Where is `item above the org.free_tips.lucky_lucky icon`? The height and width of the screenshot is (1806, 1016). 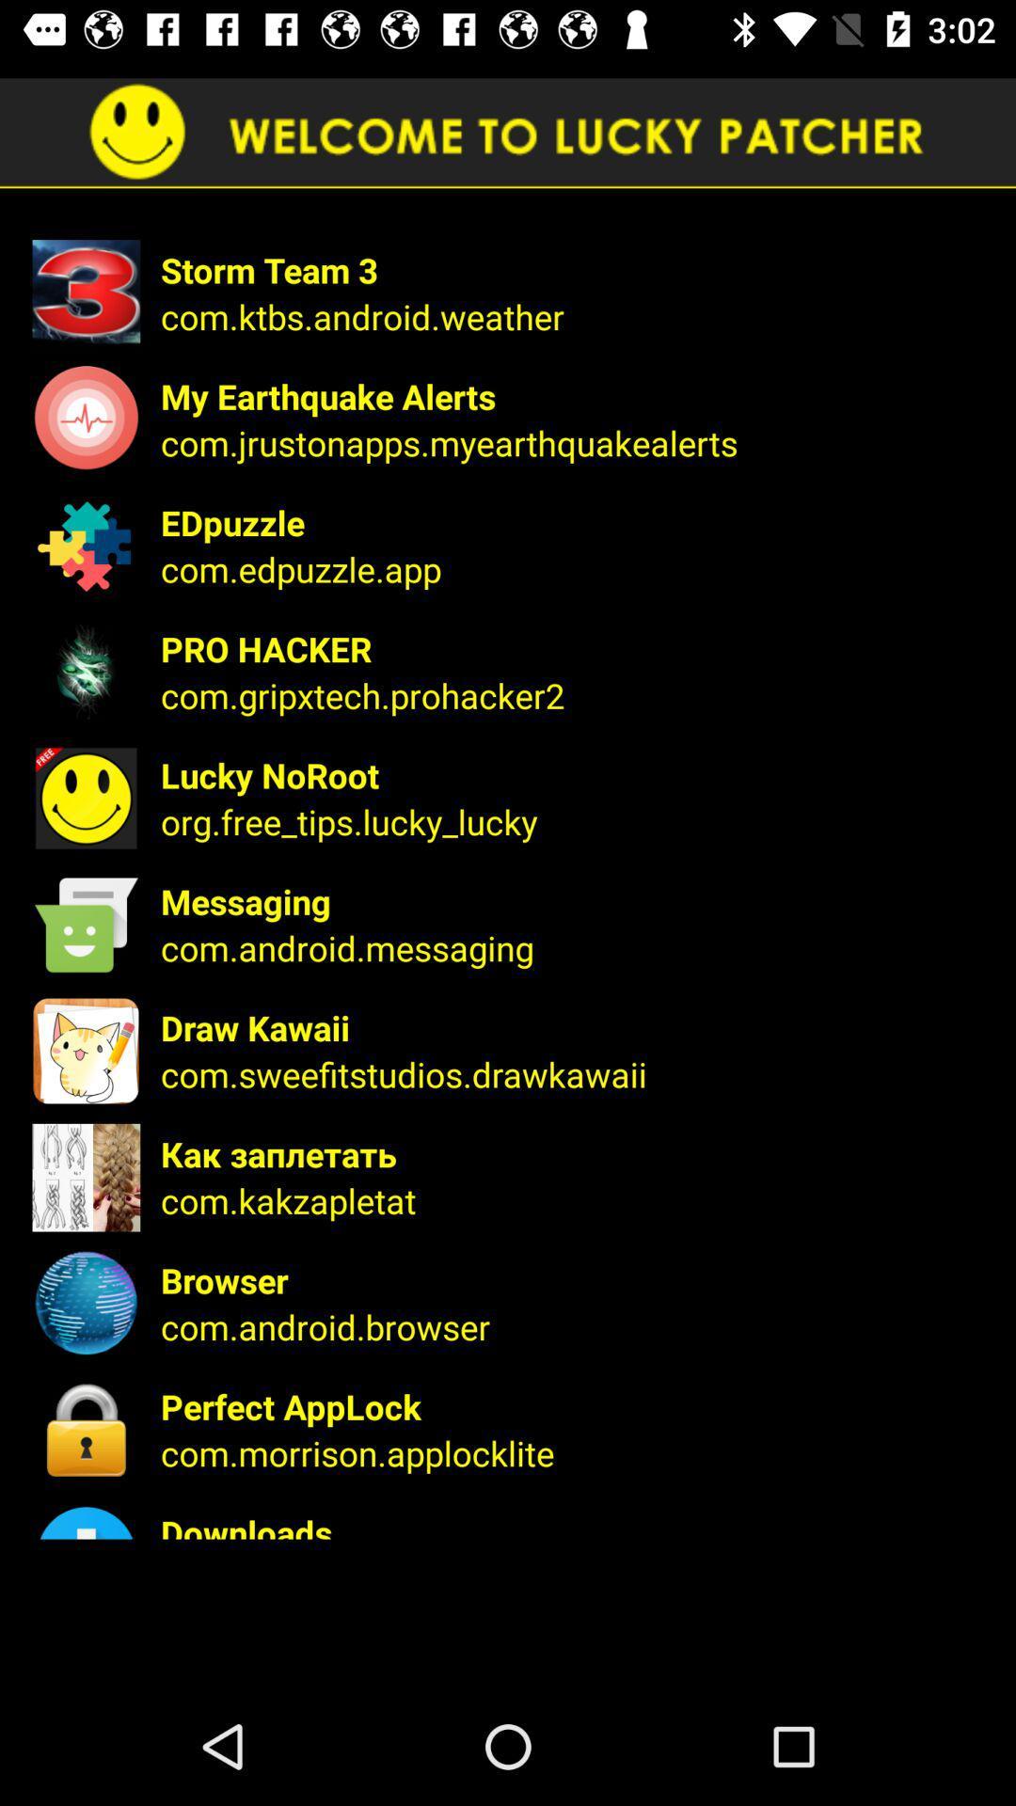
item above the org.free_tips.lucky_lucky icon is located at coordinates (575, 775).